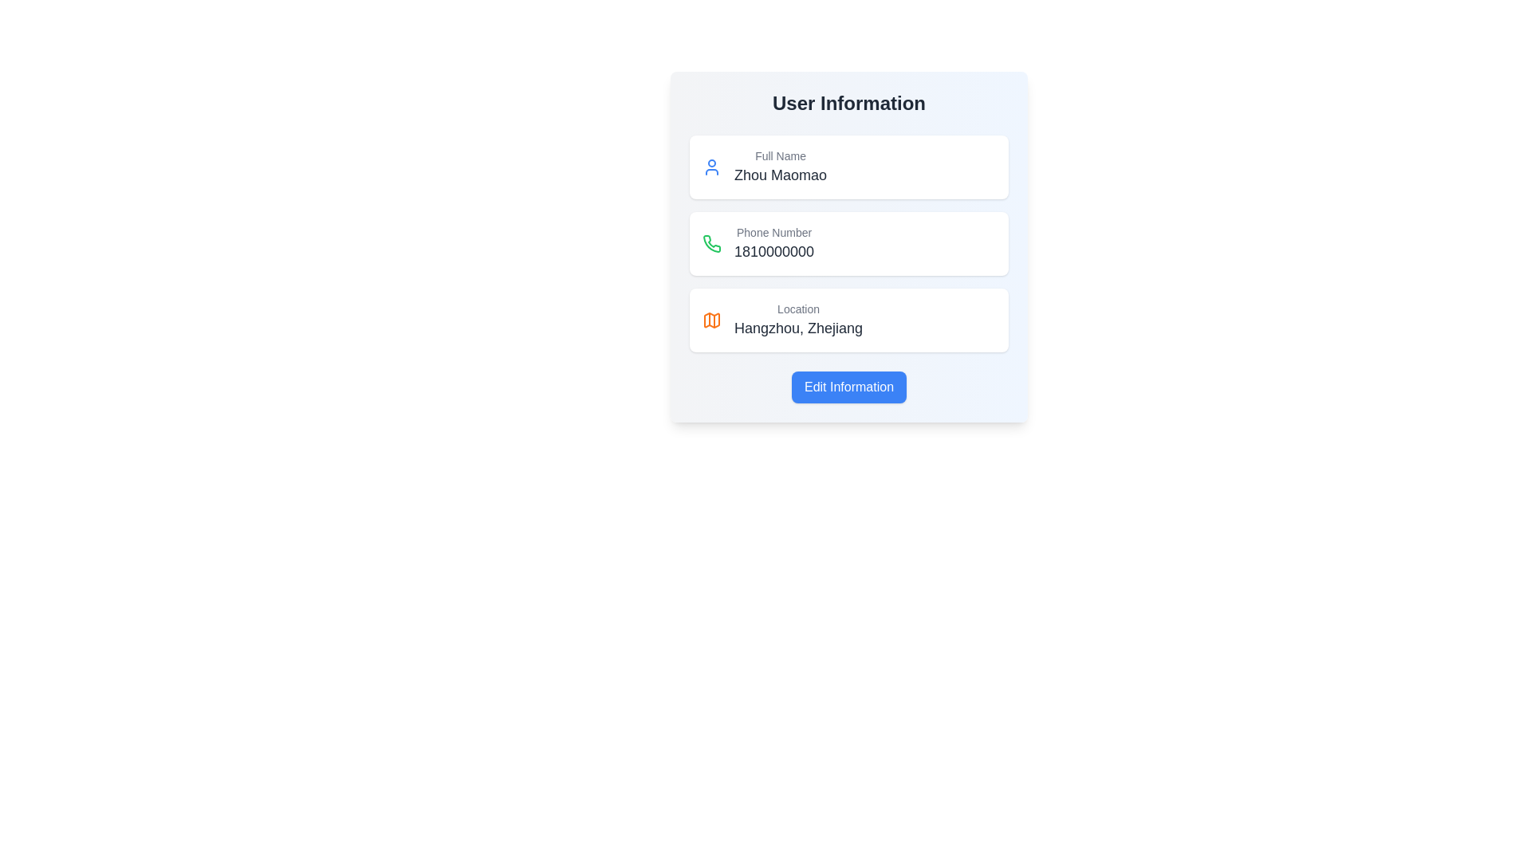 This screenshot has width=1531, height=861. Describe the element at coordinates (848, 387) in the screenshot. I see `the edit button located below the 'Location' section` at that location.